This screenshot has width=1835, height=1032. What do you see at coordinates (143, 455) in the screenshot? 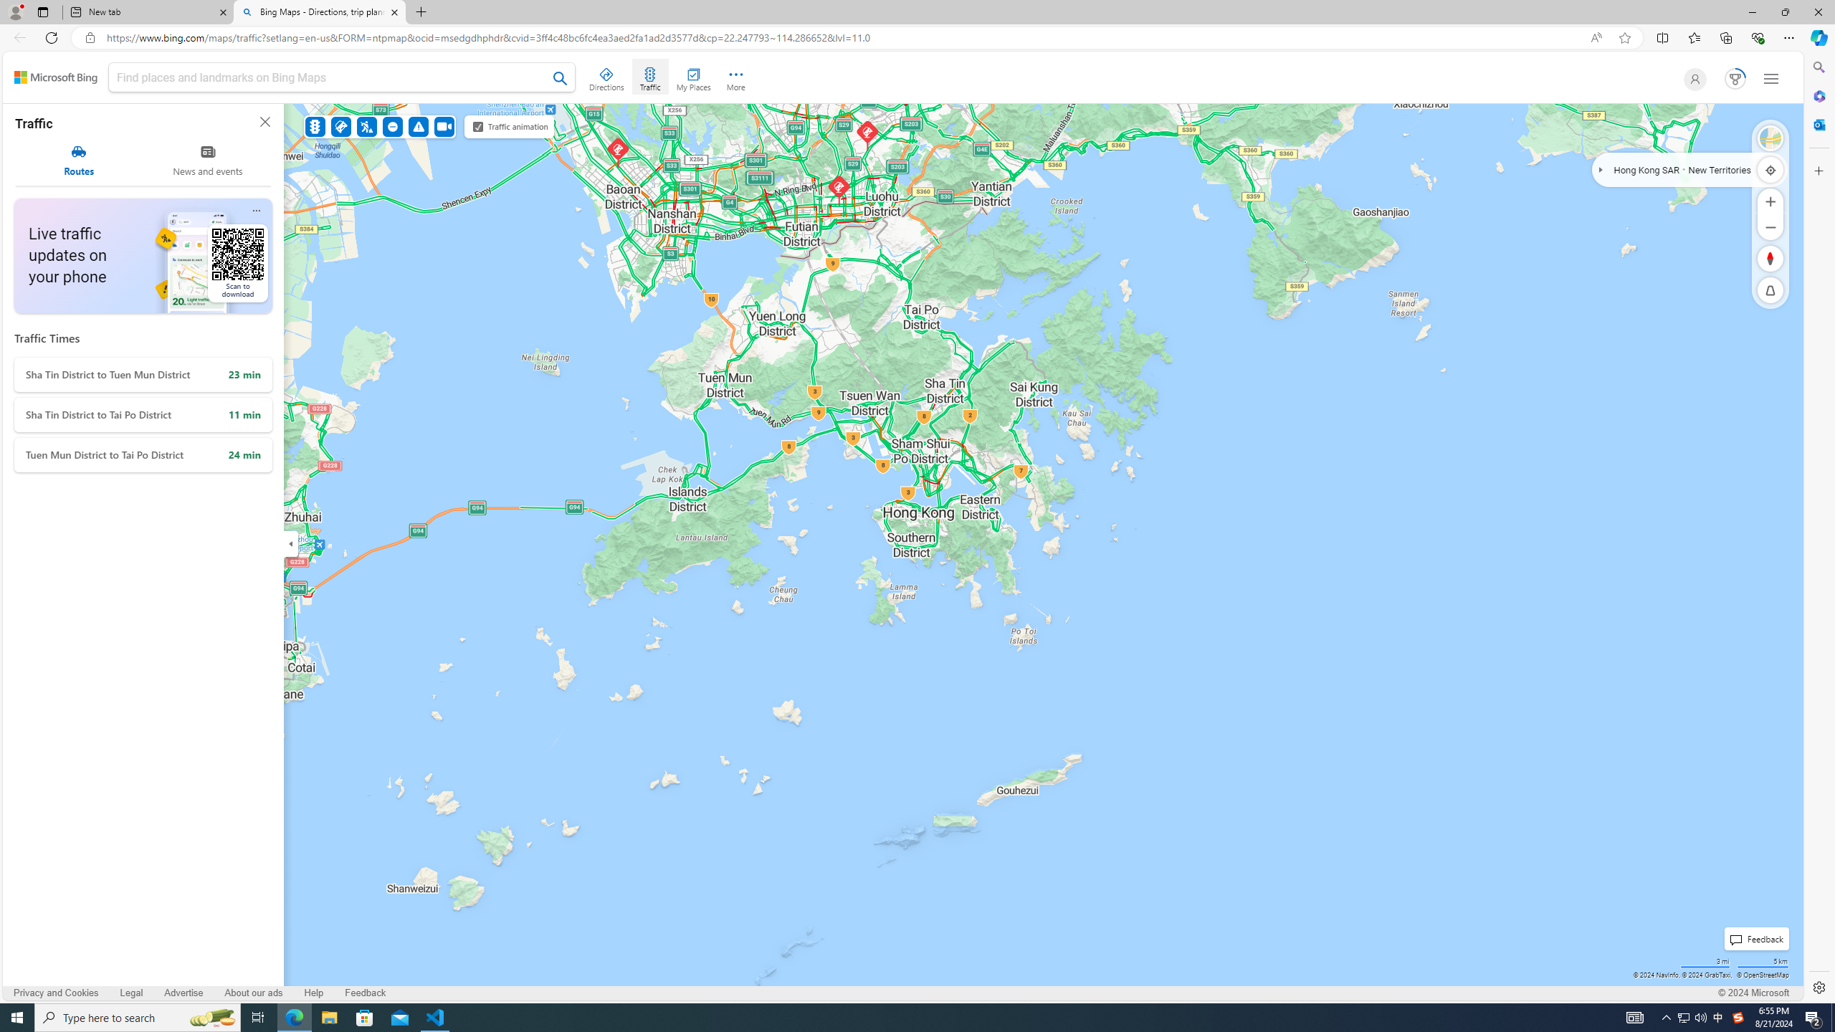
I see `'Tuen Mun District to Tai Po District'` at bounding box center [143, 455].